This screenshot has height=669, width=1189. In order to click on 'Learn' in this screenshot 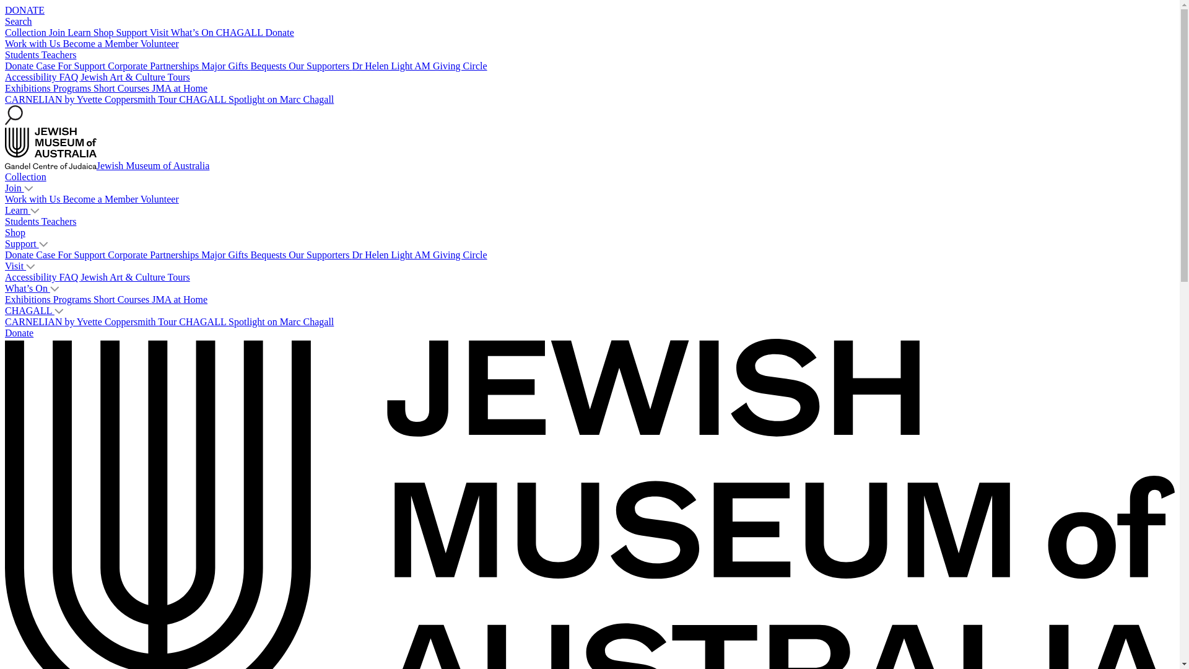, I will do `click(17, 209)`.